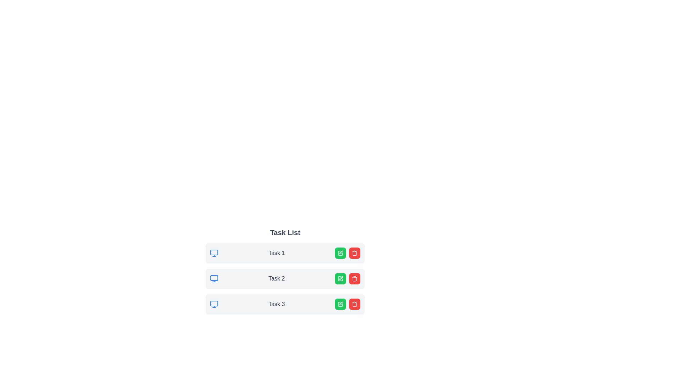  Describe the element at coordinates (340, 304) in the screenshot. I see `the small green button with a pen icon located in the last row labeled 'Task 3'` at that location.